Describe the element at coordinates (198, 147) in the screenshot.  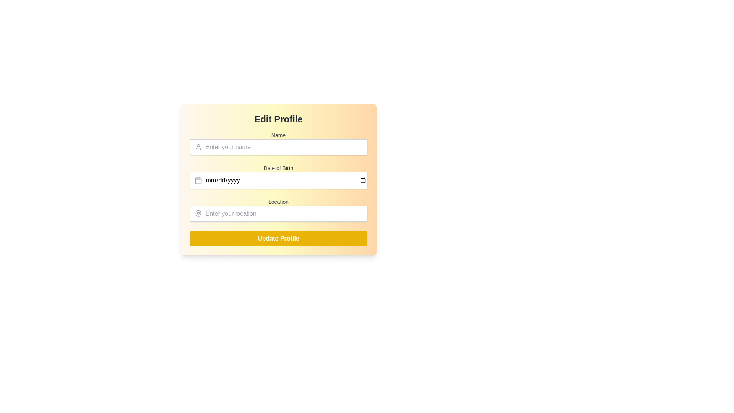
I see `the Decorative SVG Icon that visually reinforces the adjacent 'Name' input field, located at the left margin of the input field` at that location.